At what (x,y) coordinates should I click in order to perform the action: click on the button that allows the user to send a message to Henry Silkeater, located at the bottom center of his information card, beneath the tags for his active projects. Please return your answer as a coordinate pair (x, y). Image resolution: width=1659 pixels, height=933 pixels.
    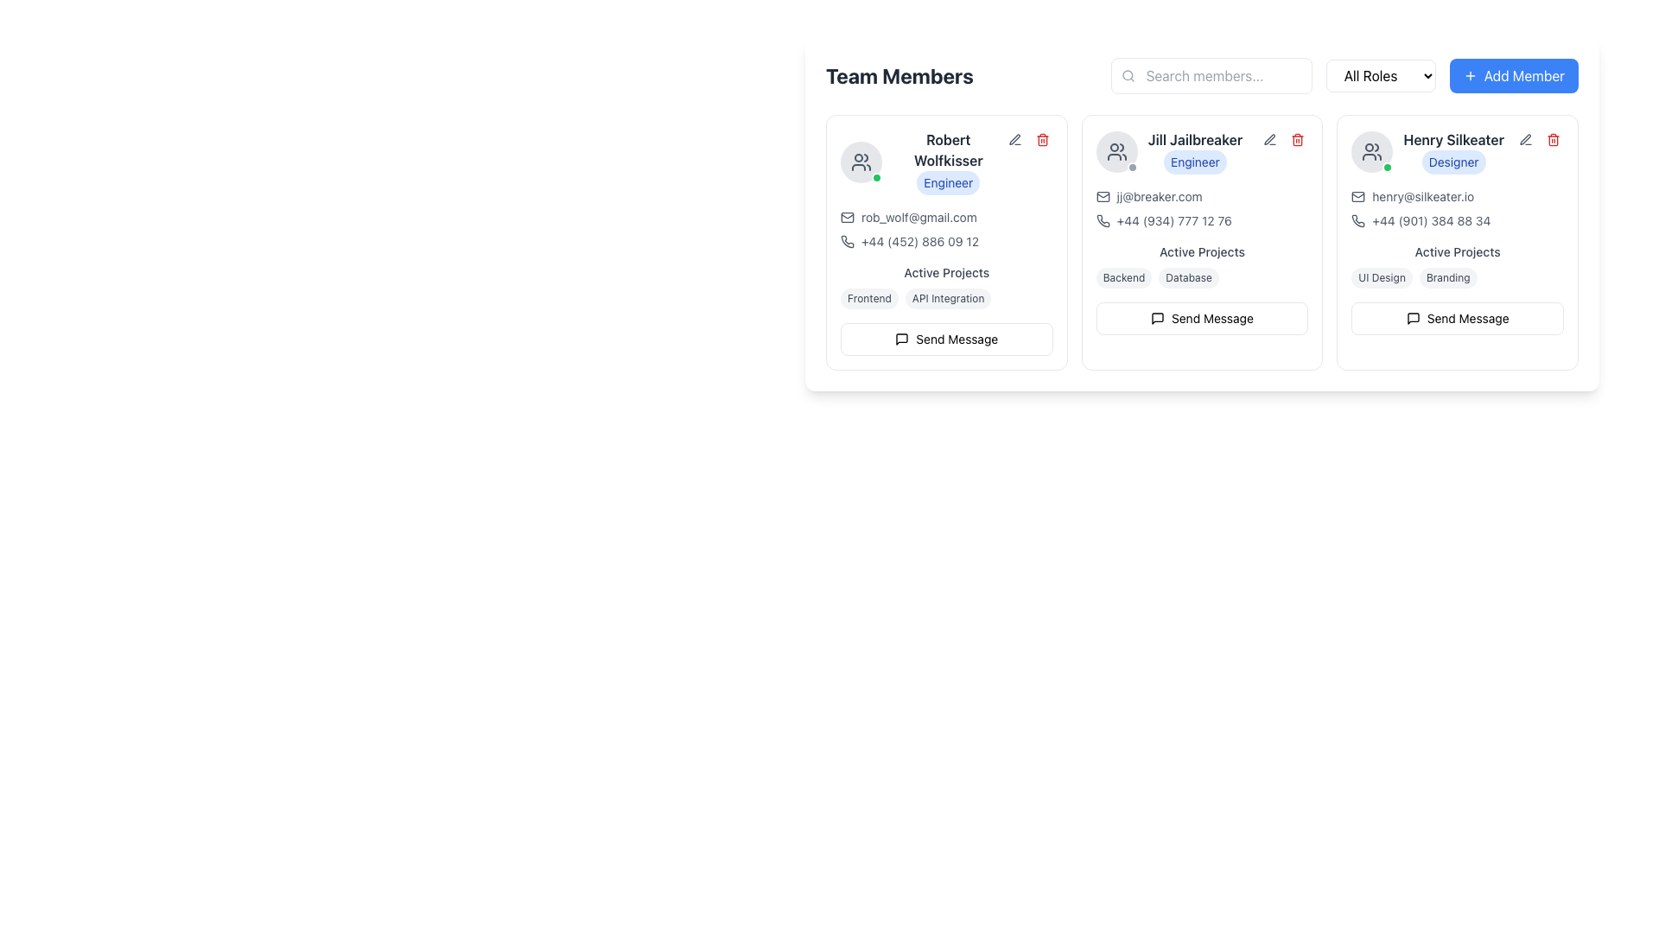
    Looking at the image, I should click on (1457, 319).